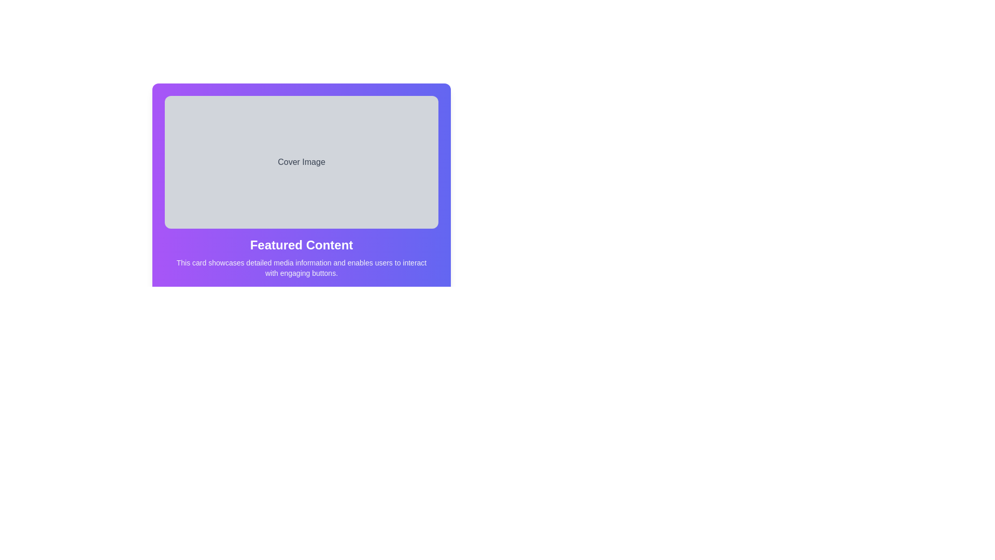  Describe the element at coordinates (301, 162) in the screenshot. I see `the 'Cover Image' text label, which is displayed in neutral gray within a rounded gray box` at that location.